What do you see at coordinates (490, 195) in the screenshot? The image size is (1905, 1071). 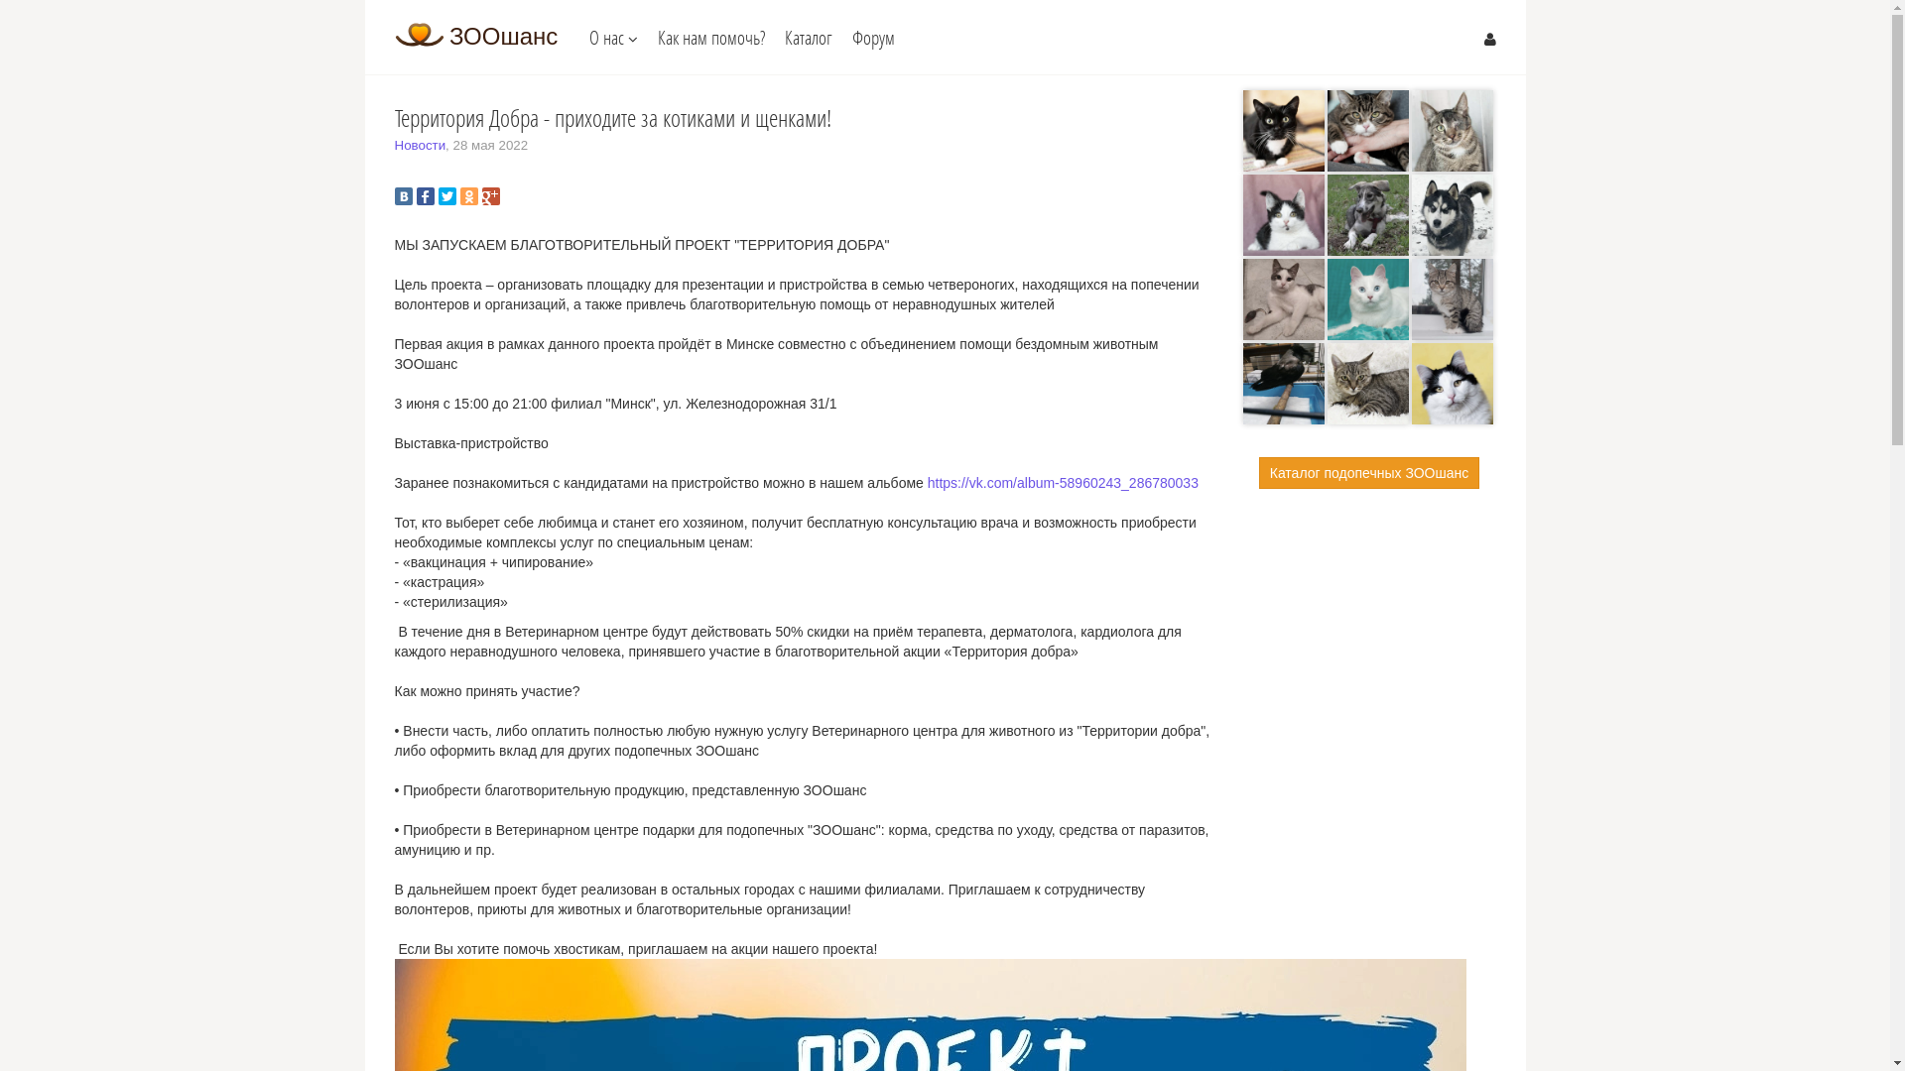 I see `'Google Plus'` at bounding box center [490, 195].